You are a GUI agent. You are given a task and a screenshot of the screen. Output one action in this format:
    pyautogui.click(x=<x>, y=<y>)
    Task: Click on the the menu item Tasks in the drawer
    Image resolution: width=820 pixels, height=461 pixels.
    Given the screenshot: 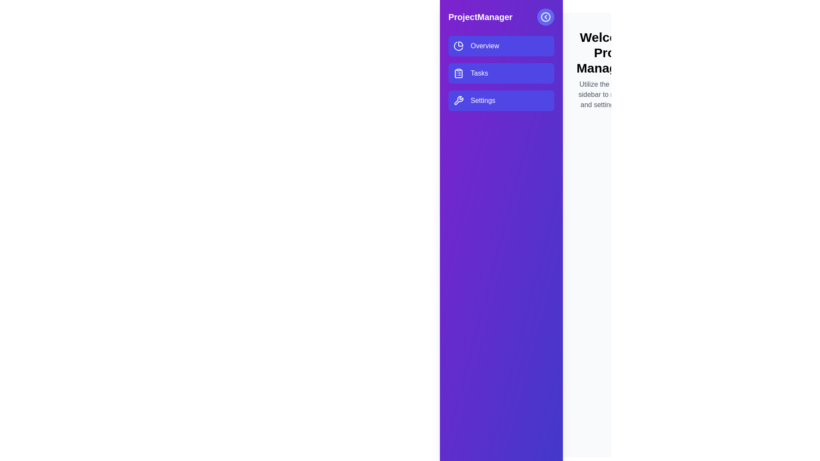 What is the action you would take?
    pyautogui.click(x=501, y=73)
    